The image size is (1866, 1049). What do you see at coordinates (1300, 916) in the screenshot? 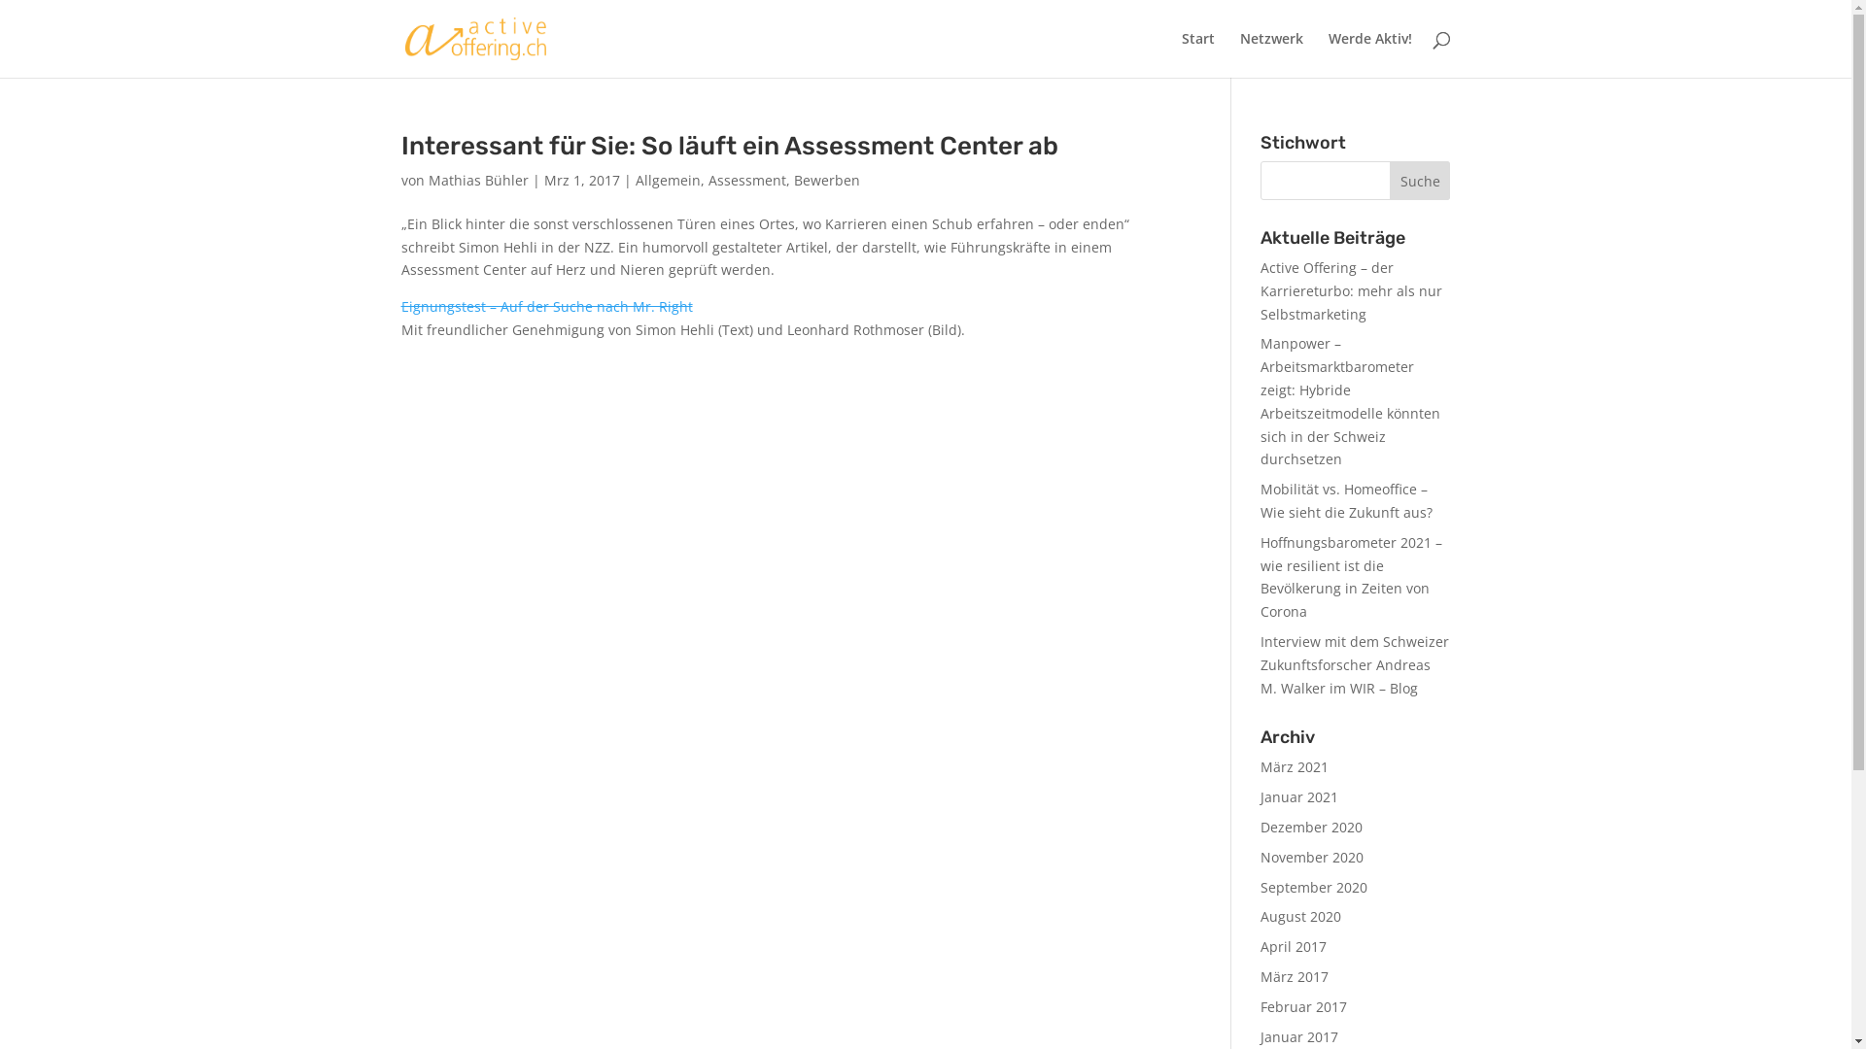
I see `'August 2020'` at bounding box center [1300, 916].